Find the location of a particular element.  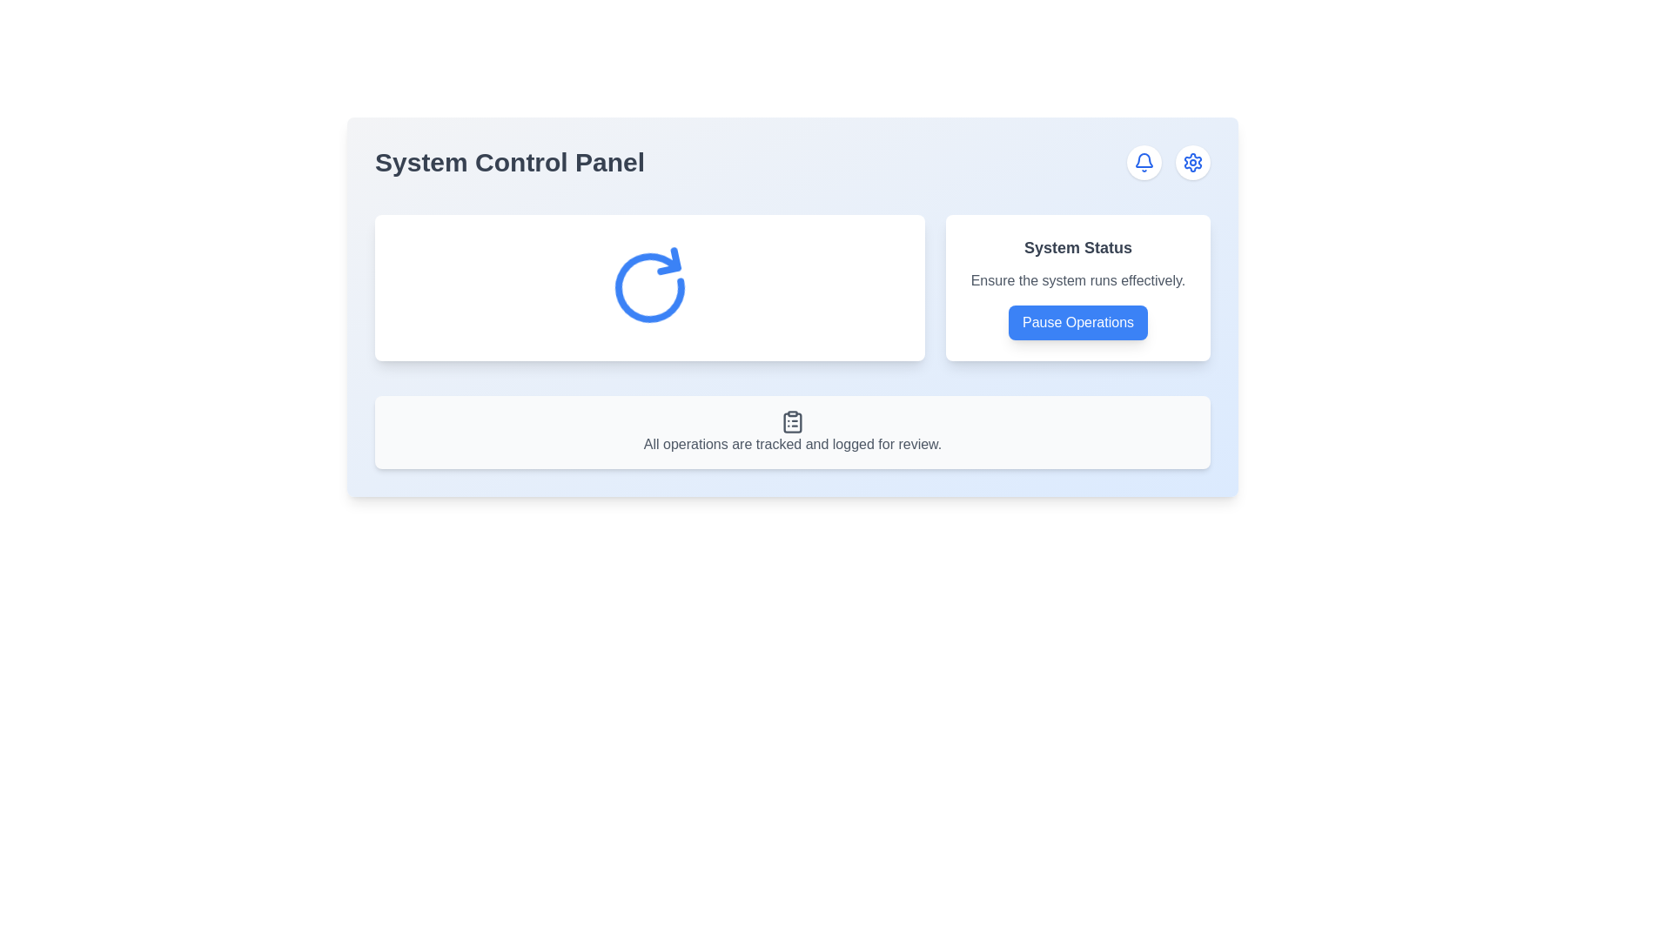

the non-interactive graphical representation icon located in the top-right region of the interface, which is the leftmost icon among a row of small circular icons is located at coordinates (1144, 160).